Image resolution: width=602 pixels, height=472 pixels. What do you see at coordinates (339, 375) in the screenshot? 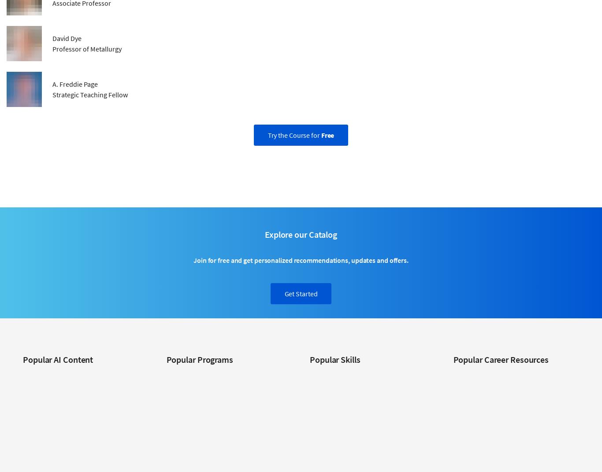
I see `'Cybersecurity Courses'` at bounding box center [339, 375].